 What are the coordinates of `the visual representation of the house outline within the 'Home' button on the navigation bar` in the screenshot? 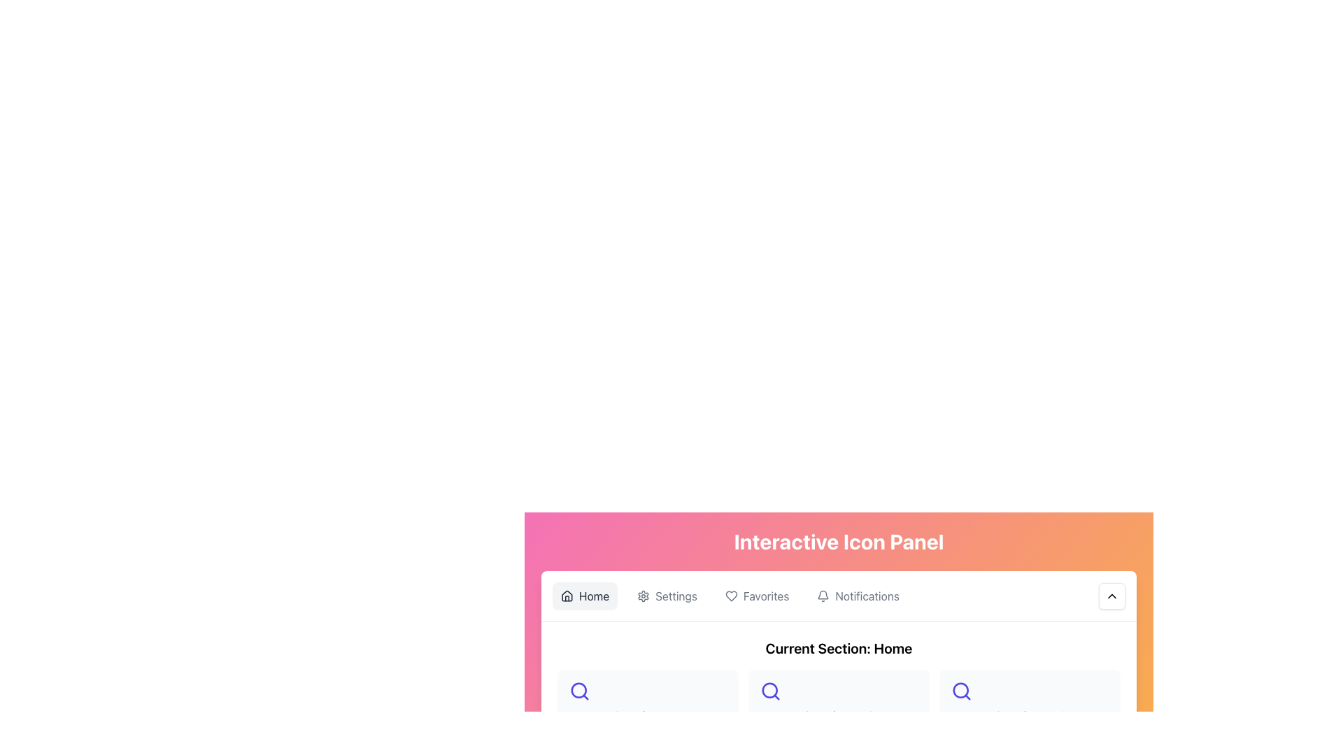 It's located at (567, 596).